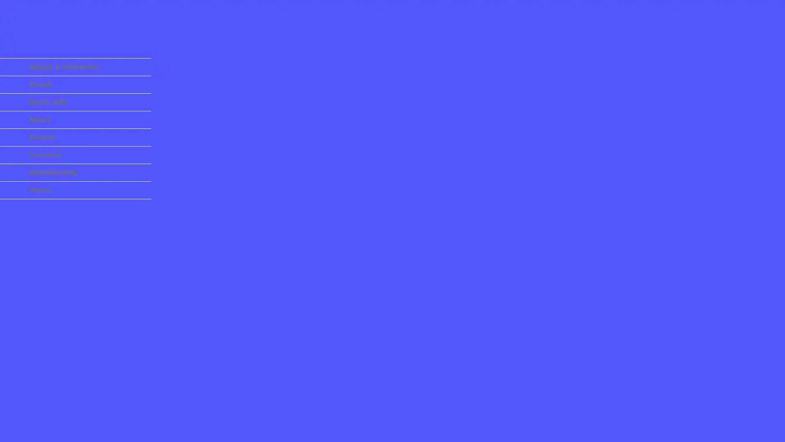  What do you see at coordinates (243, 351) in the screenshot?
I see `U+FF9F` at bounding box center [243, 351].